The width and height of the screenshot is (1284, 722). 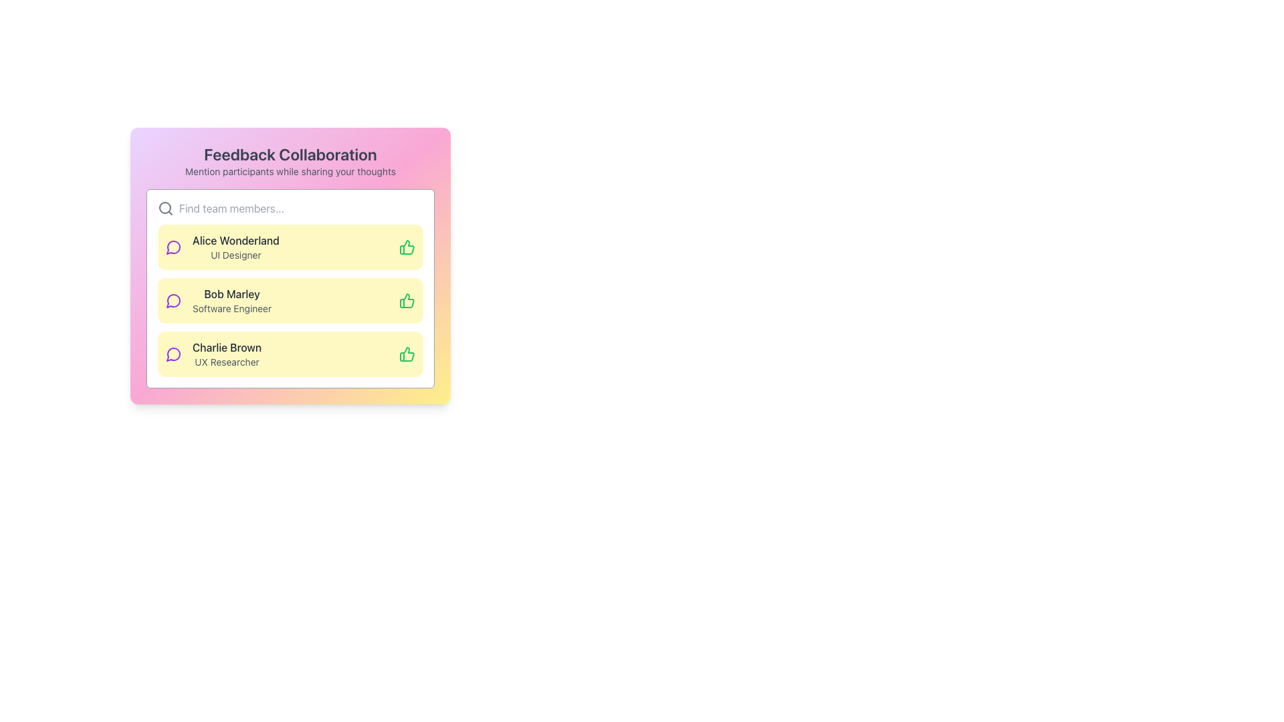 I want to click on the circular outline styled icon resembling a speech bubble, filled with purple color, located next to the text 'Alice Wonderland, UI Designer', so click(x=173, y=247).